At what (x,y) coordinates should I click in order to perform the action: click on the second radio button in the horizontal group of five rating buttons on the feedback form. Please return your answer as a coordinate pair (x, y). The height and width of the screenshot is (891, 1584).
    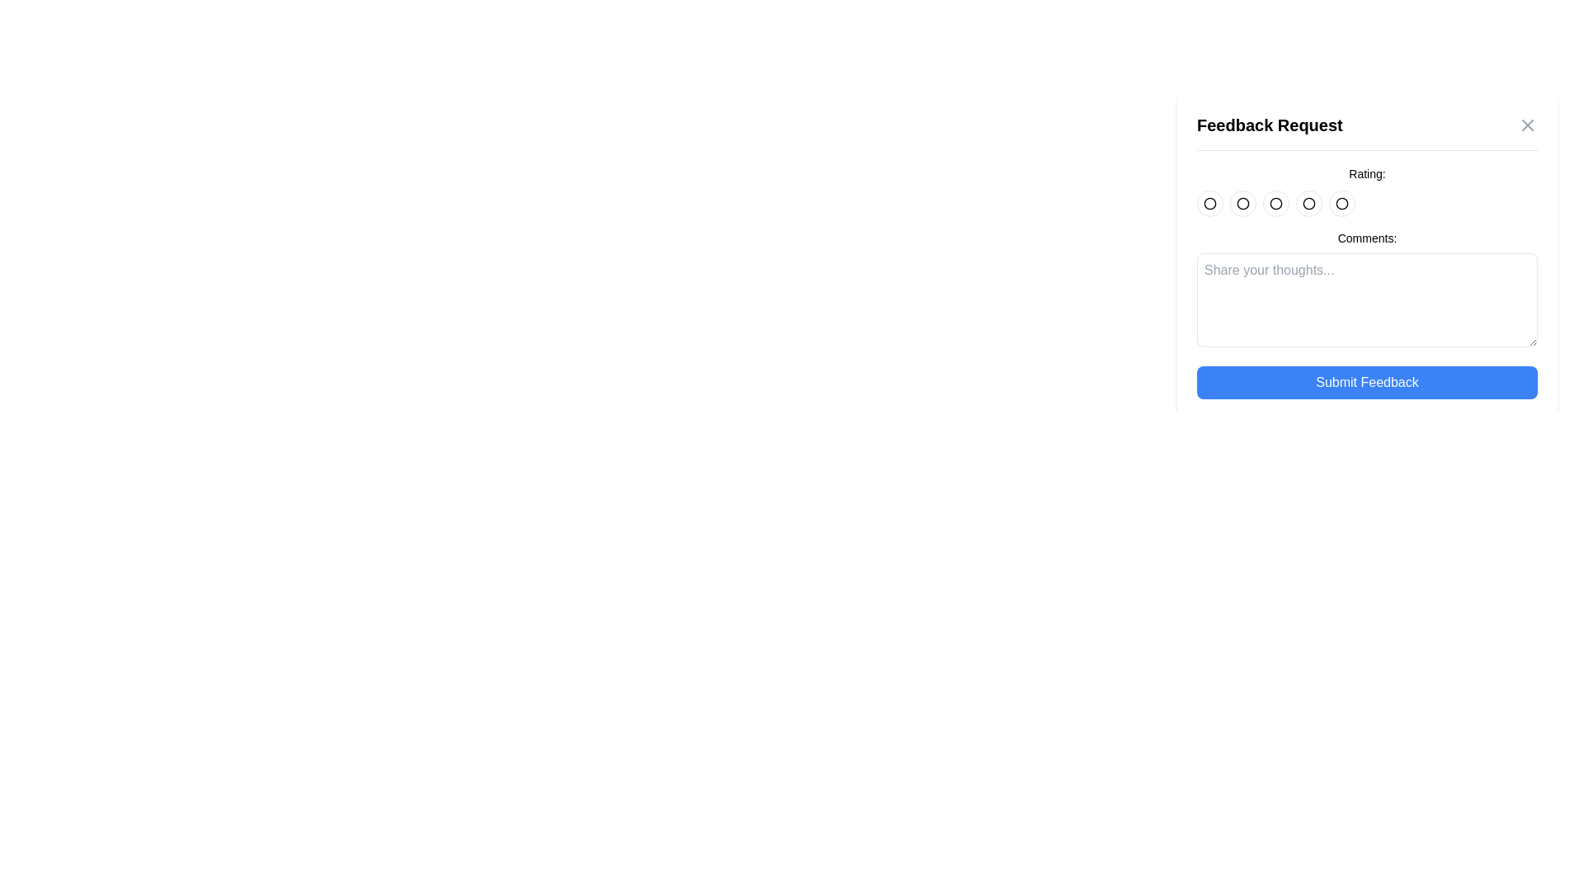
    Looking at the image, I should click on (1243, 202).